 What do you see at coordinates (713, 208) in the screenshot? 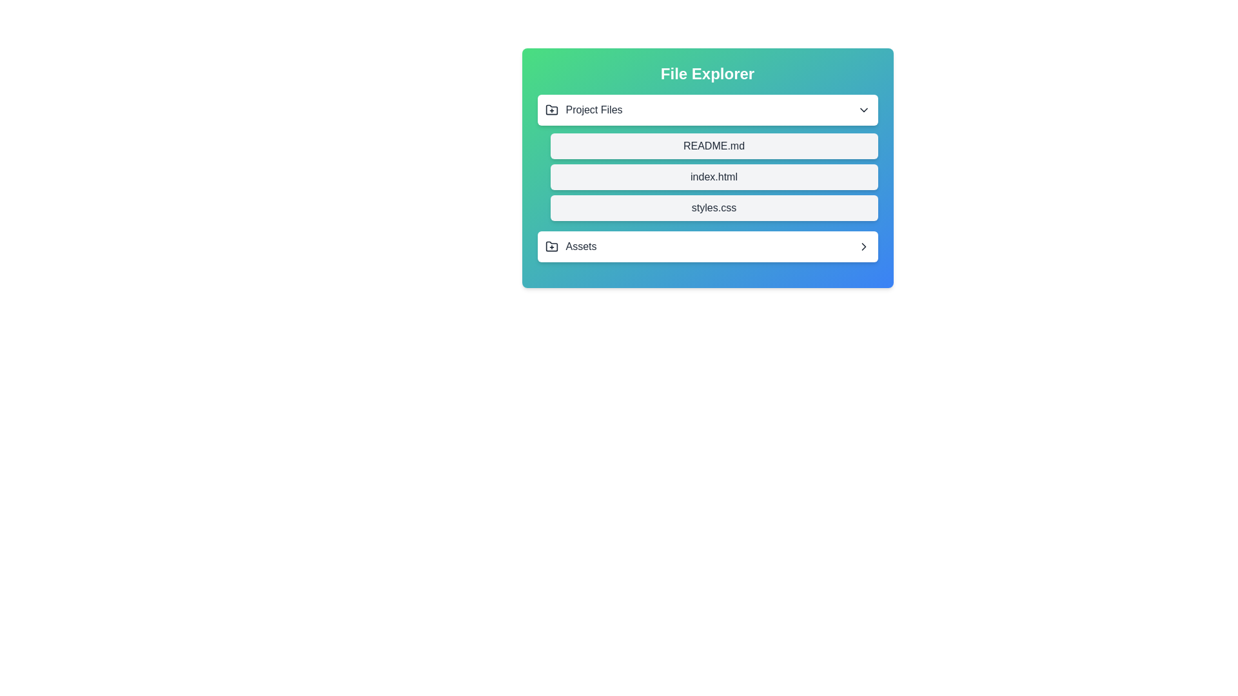
I see `the button labeled 'styles.css' which has a light gray background and is the last item in the list of buttons in the 'File Explorer' section` at bounding box center [713, 208].